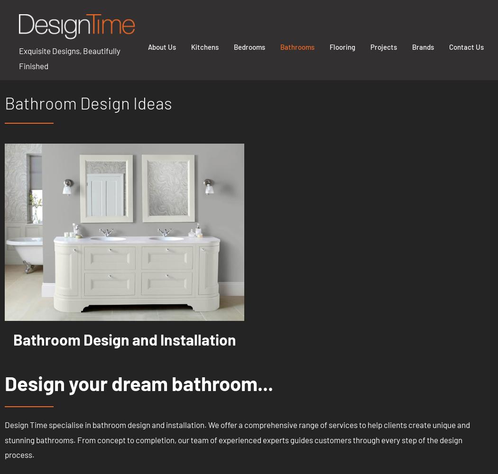 Image resolution: width=498 pixels, height=474 pixels. Describe the element at coordinates (124, 338) in the screenshot. I see `'Bathroom Design and Installation'` at that location.